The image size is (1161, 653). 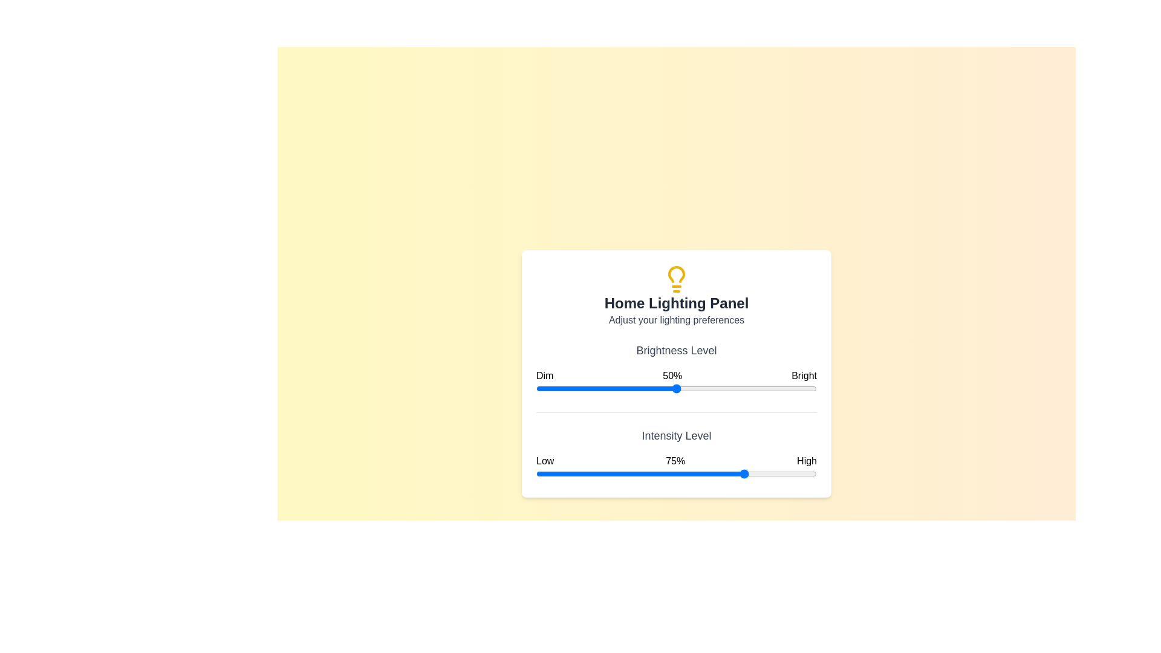 What do you see at coordinates (607, 473) in the screenshot?
I see `the Intensity Level slider` at bounding box center [607, 473].